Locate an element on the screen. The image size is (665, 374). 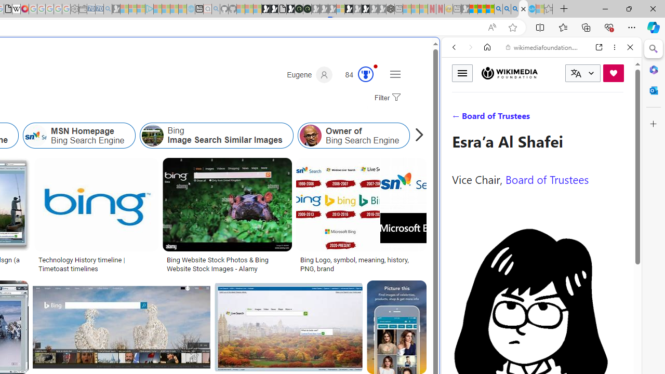
'Wallet - Sleeping' is located at coordinates (83, 9).